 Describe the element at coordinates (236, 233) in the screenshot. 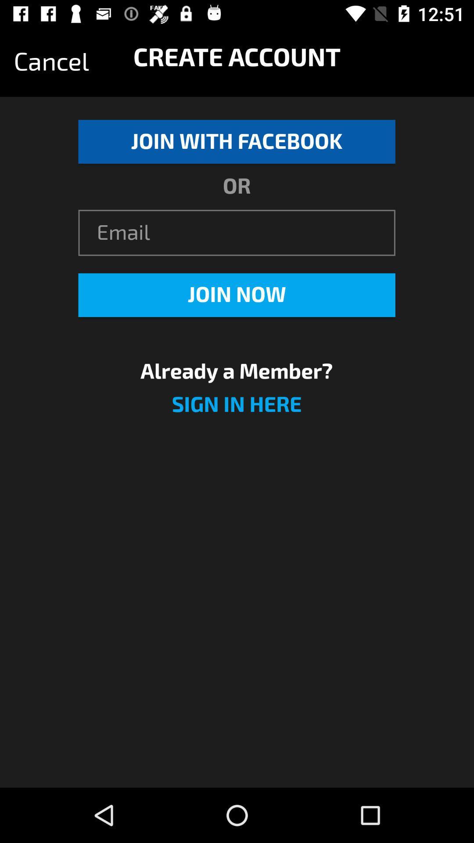

I see `the item below or` at that location.